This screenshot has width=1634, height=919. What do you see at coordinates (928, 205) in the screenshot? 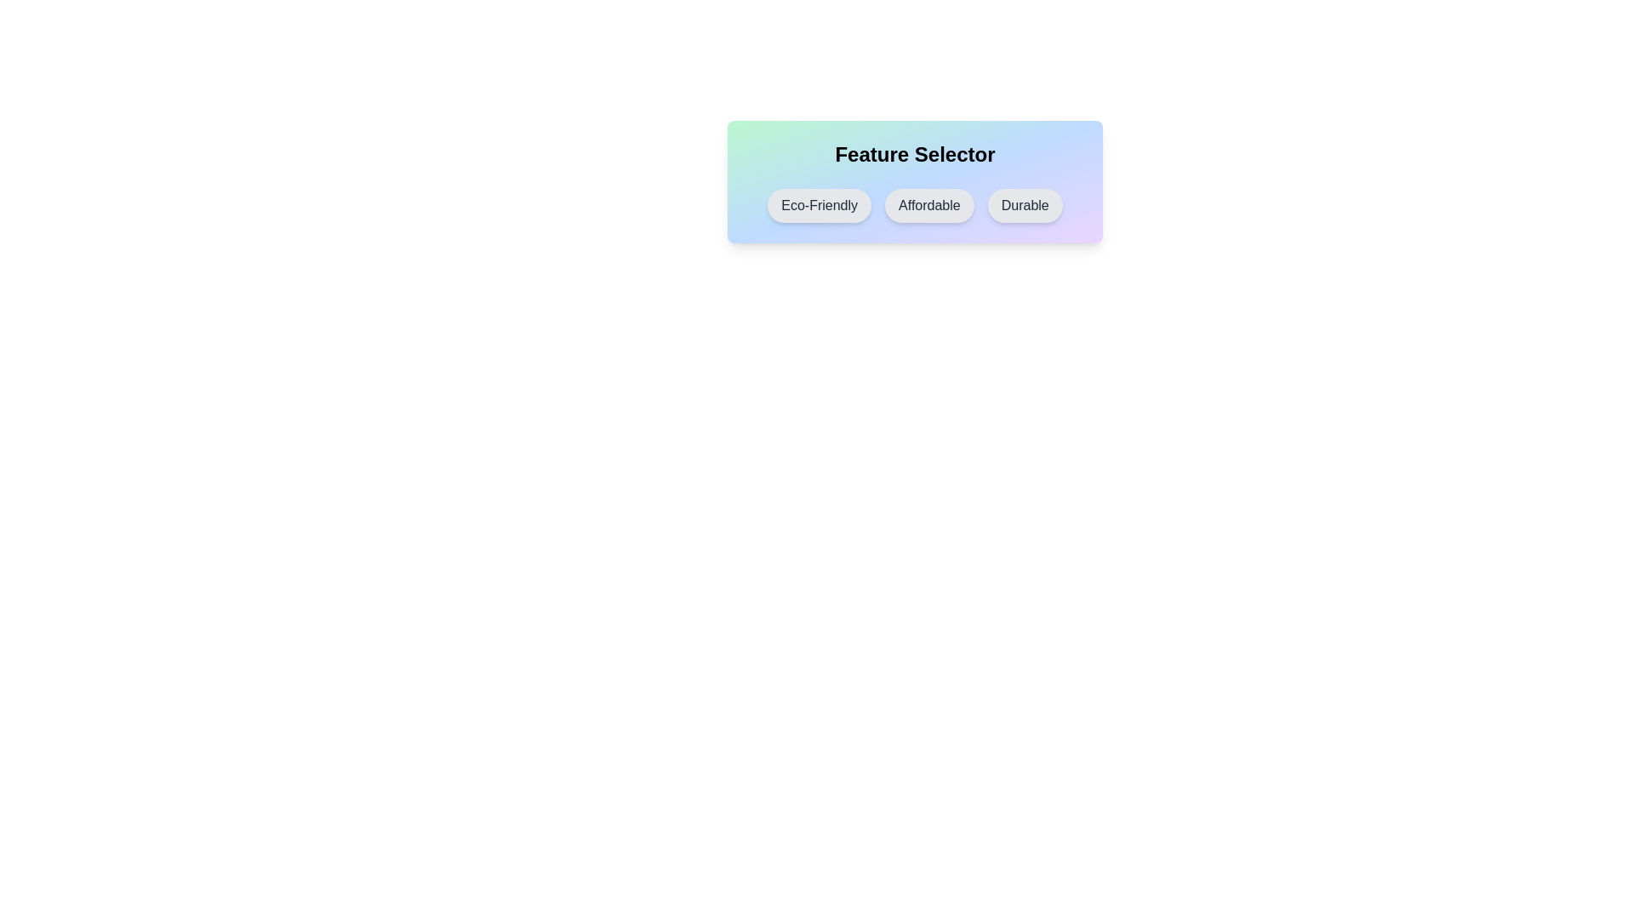
I see `the chip labeled Affordable to observe its hover effect` at bounding box center [928, 205].